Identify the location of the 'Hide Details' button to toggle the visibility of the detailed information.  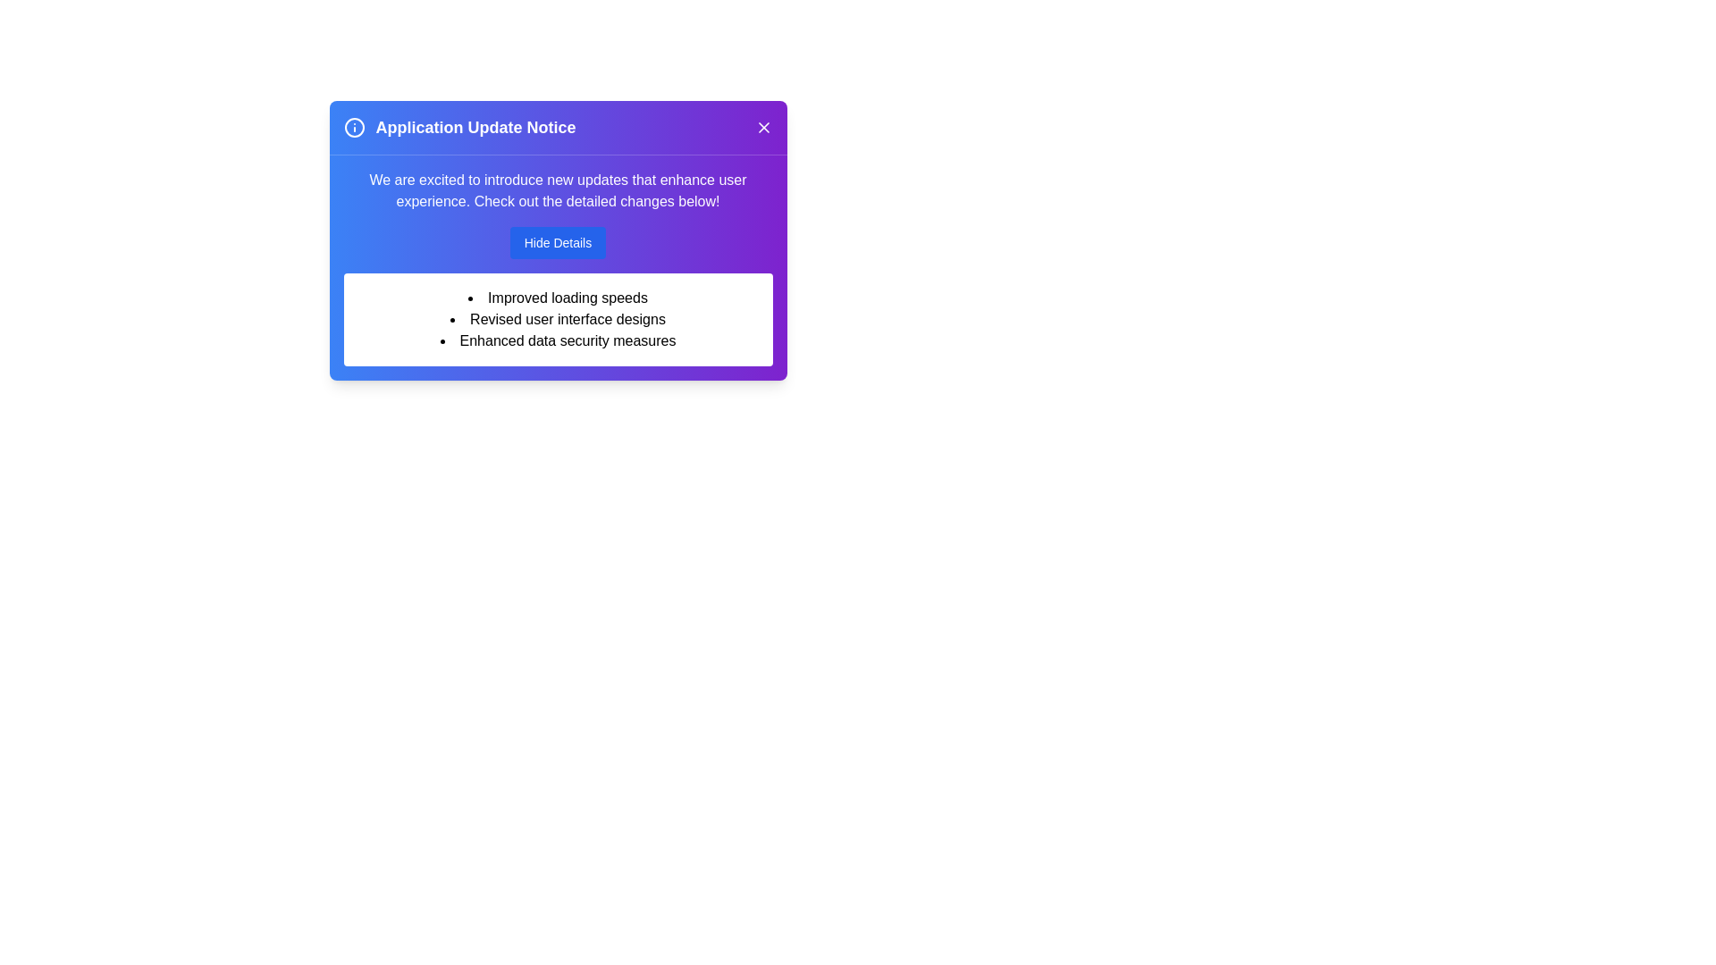
(557, 243).